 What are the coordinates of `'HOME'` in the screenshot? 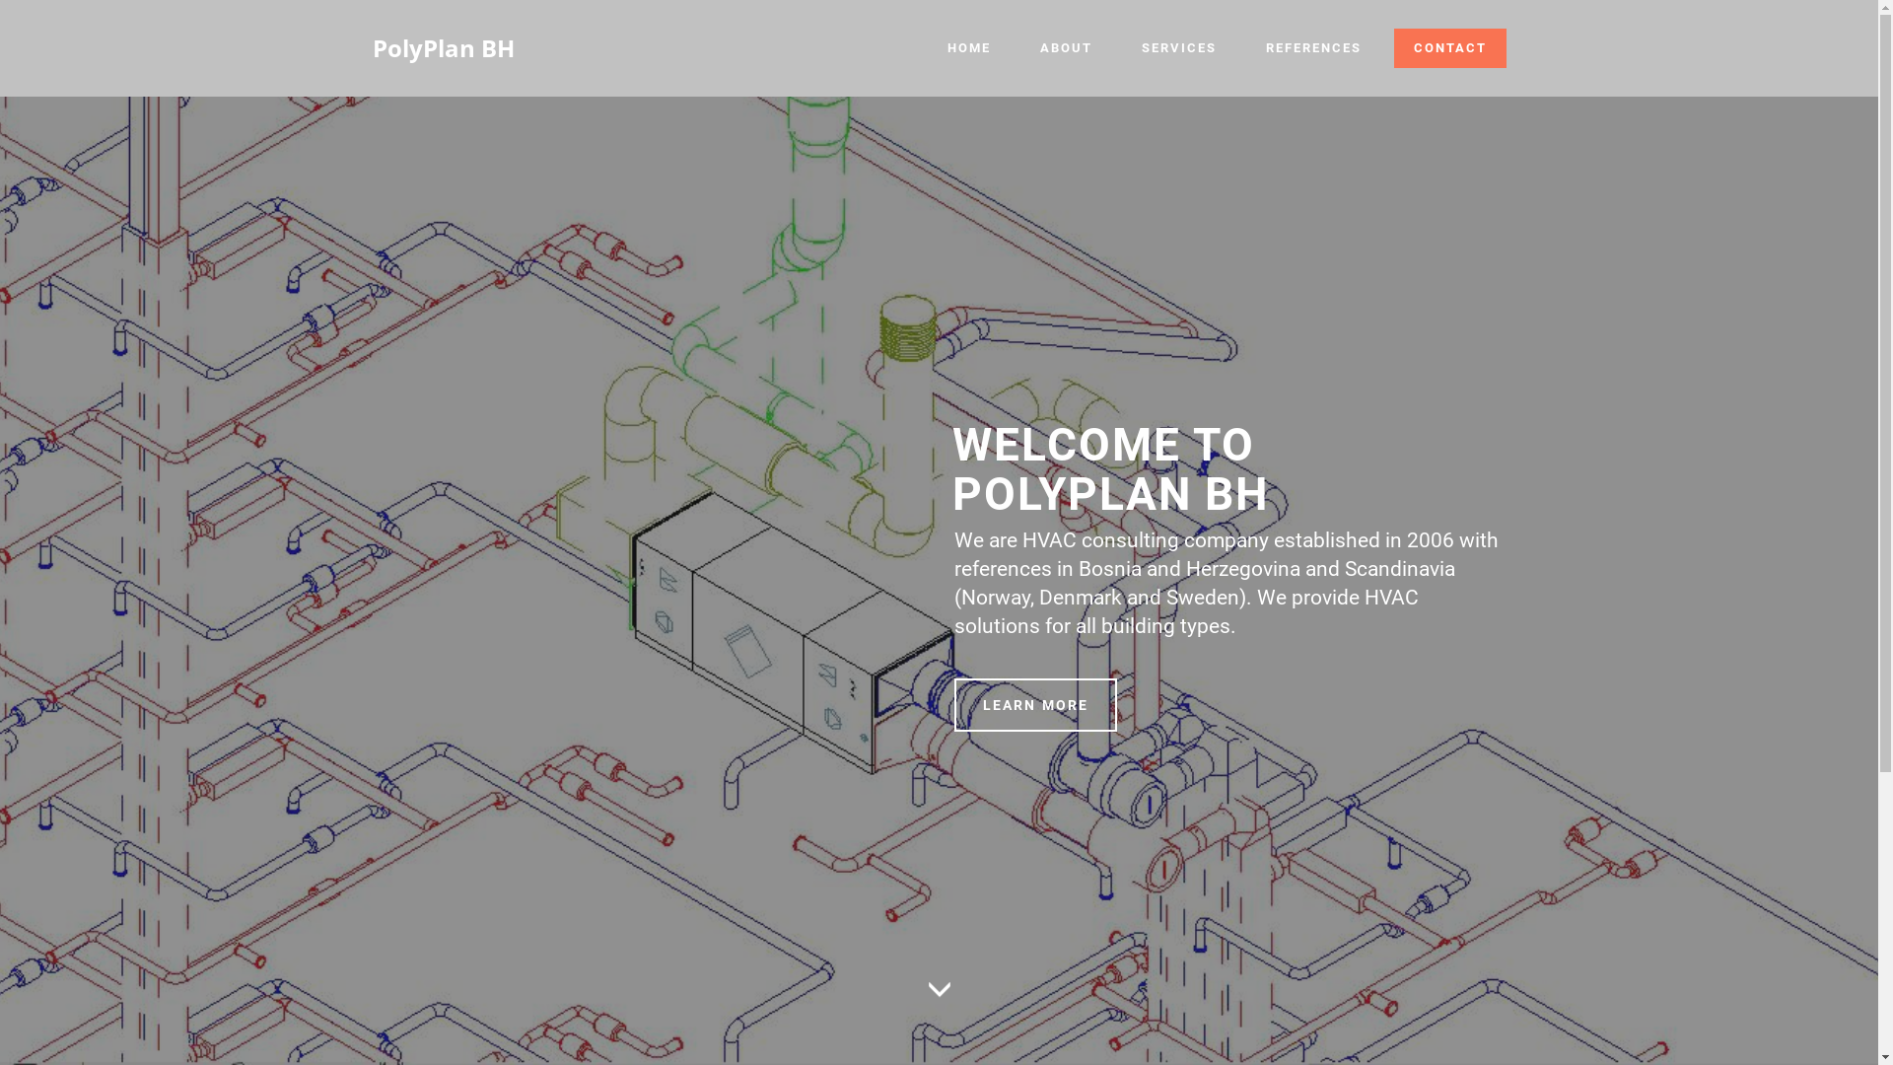 It's located at (968, 47).